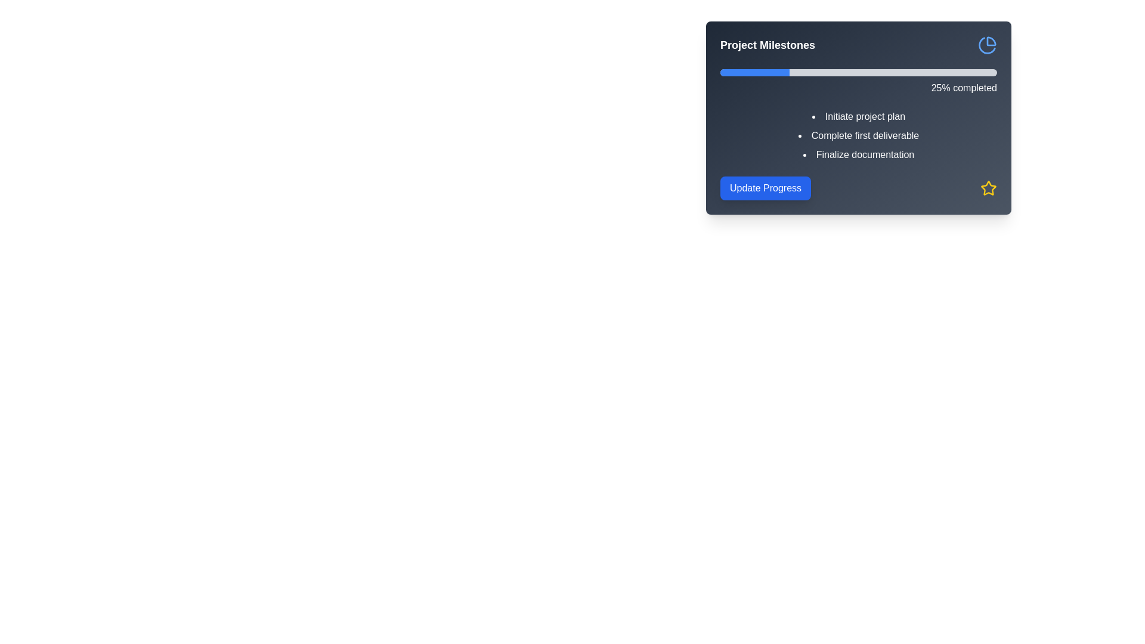 The height and width of the screenshot is (644, 1145). What do you see at coordinates (750, 73) in the screenshot?
I see `progress` at bounding box center [750, 73].